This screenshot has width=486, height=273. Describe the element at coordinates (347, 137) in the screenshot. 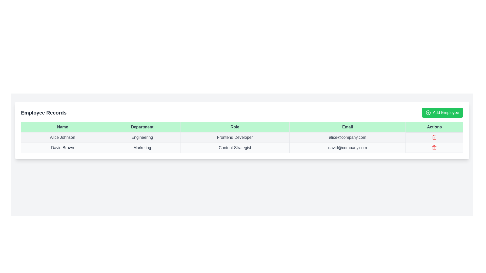

I see `the text label displaying the email address for Alice Johnson in the employee records table, located under the 'Email' header in the second row` at that location.